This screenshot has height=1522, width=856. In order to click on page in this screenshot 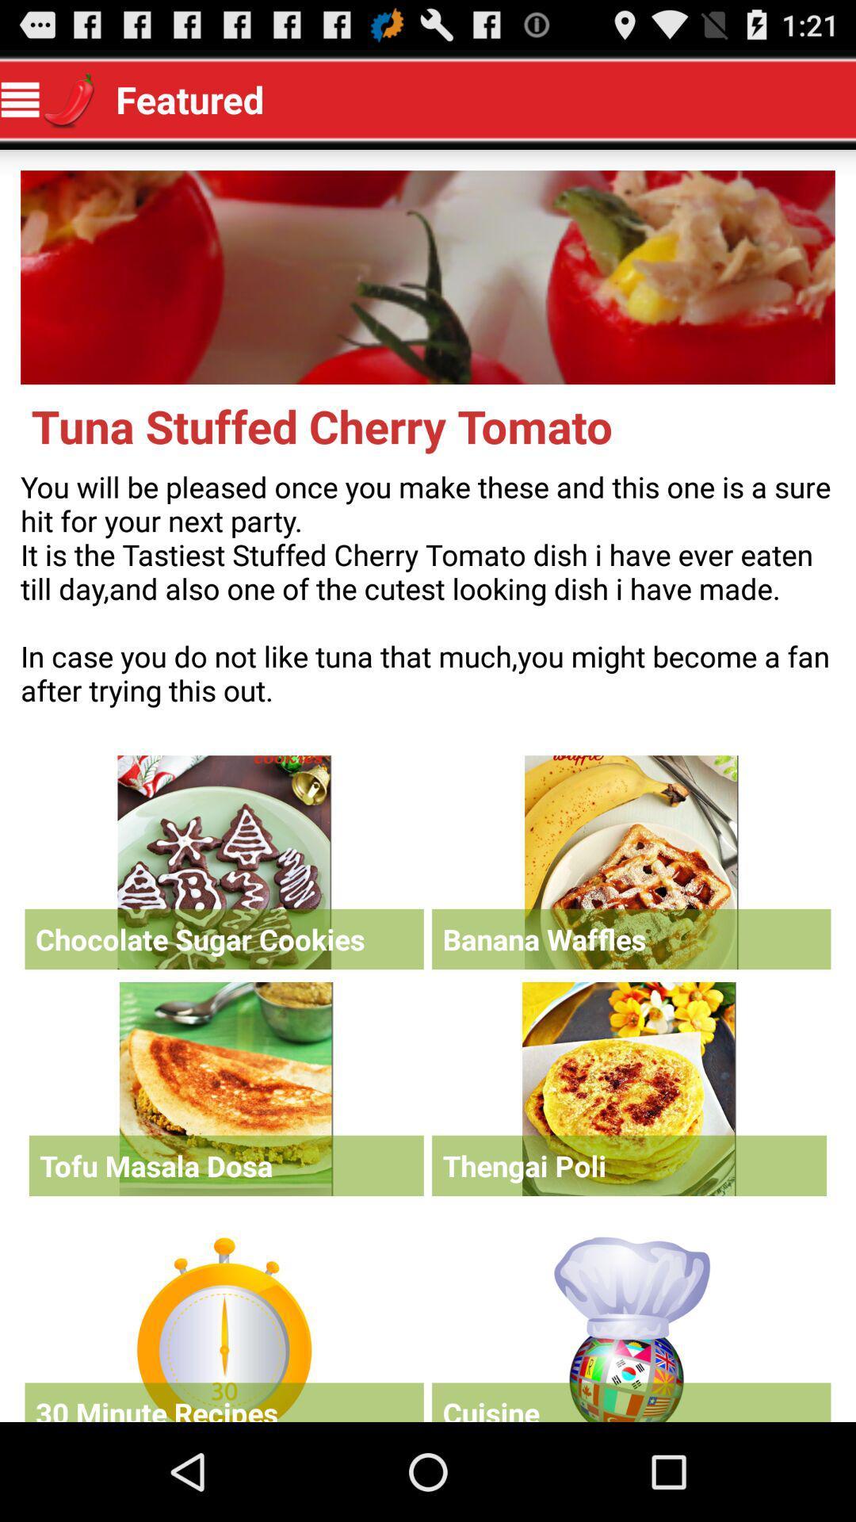, I will do `click(224, 1325)`.